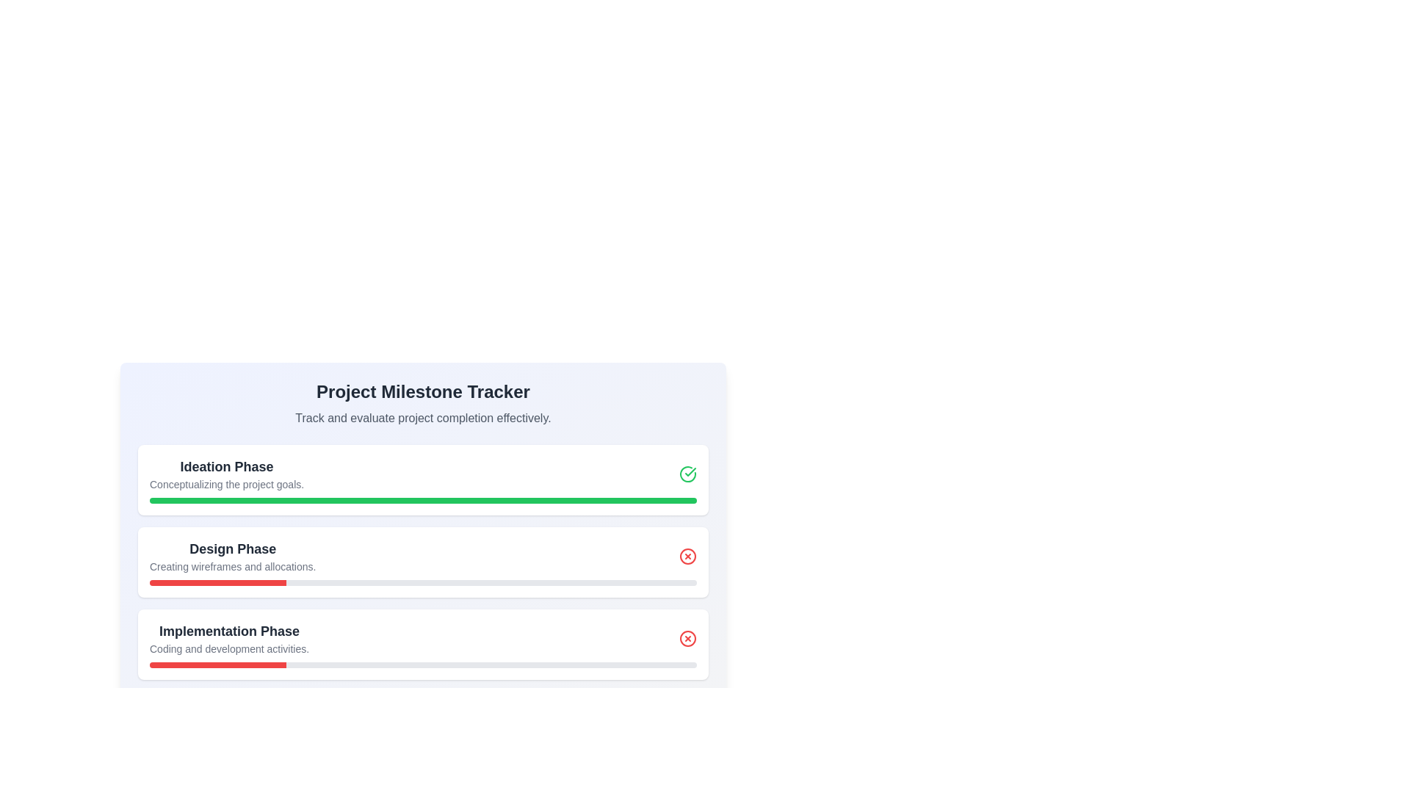 Image resolution: width=1410 pixels, height=793 pixels. Describe the element at coordinates (228, 631) in the screenshot. I see `text label that reads 'Implementation Phase', which is styled in bold dark gray and positioned above the description text in the milestone tracker interface` at that location.